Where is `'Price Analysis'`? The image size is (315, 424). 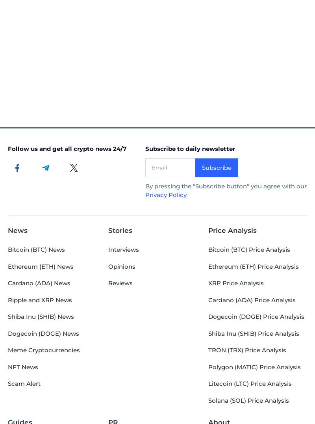
'Price Analysis' is located at coordinates (232, 230).